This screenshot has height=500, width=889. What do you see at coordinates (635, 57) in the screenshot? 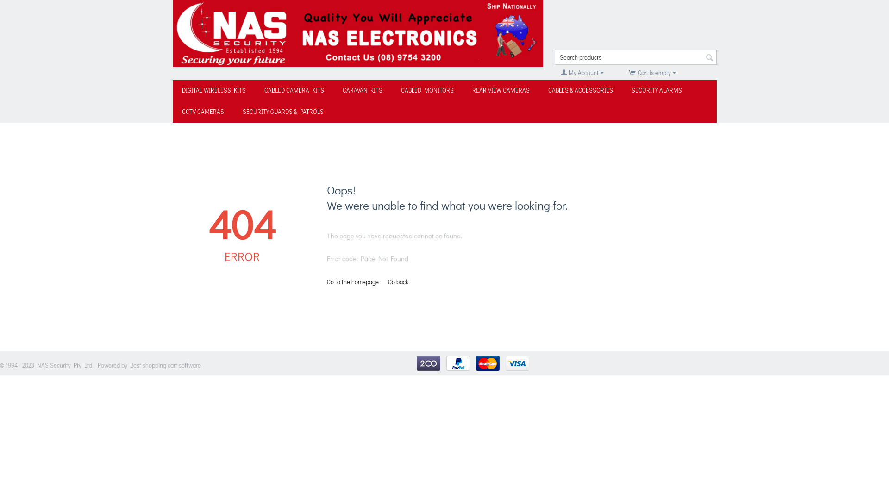
I see `'Search products'` at bounding box center [635, 57].